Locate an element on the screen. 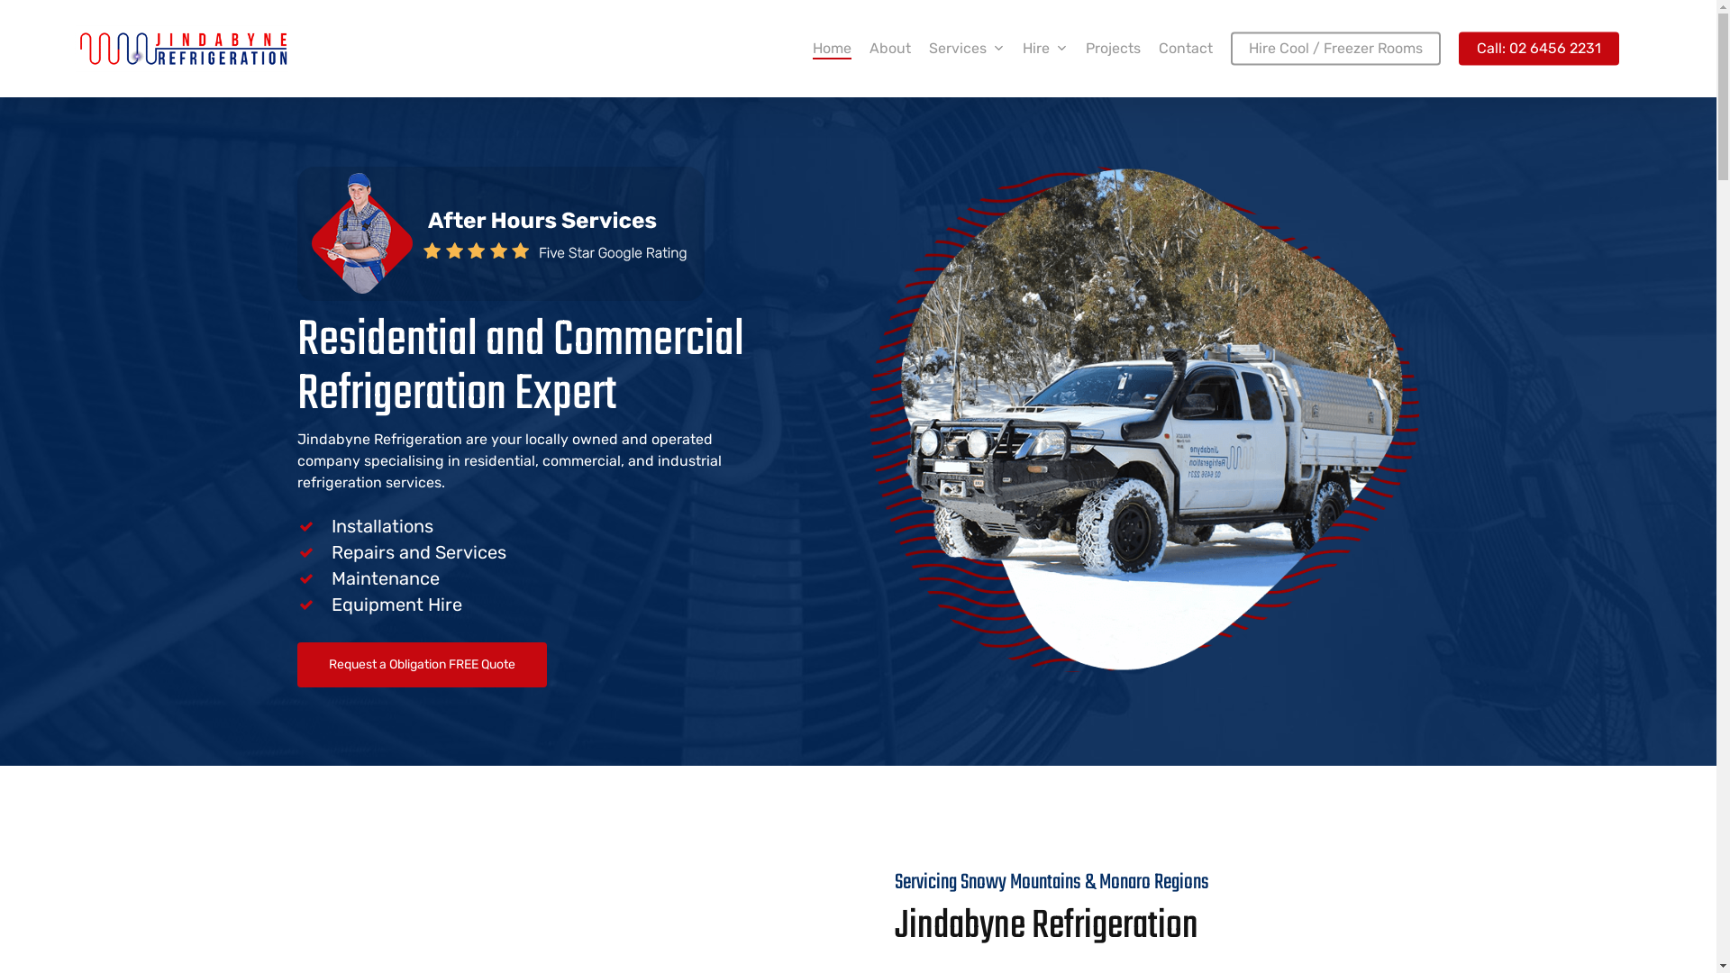  'Contact' is located at coordinates (1185, 48).